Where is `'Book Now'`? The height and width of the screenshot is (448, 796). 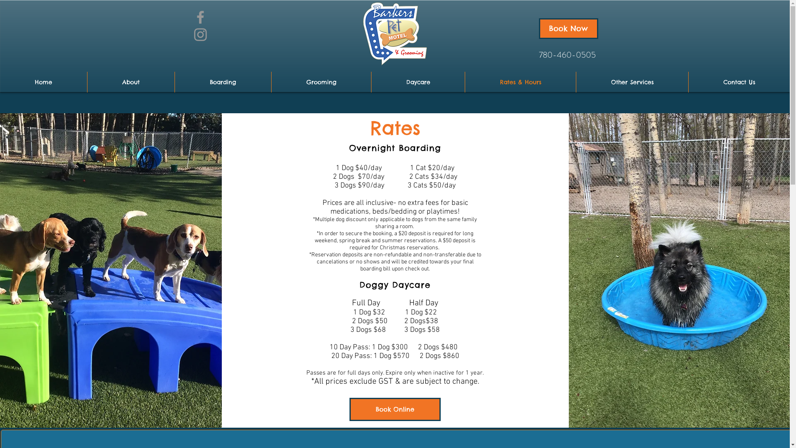
'Book Now' is located at coordinates (568, 28).